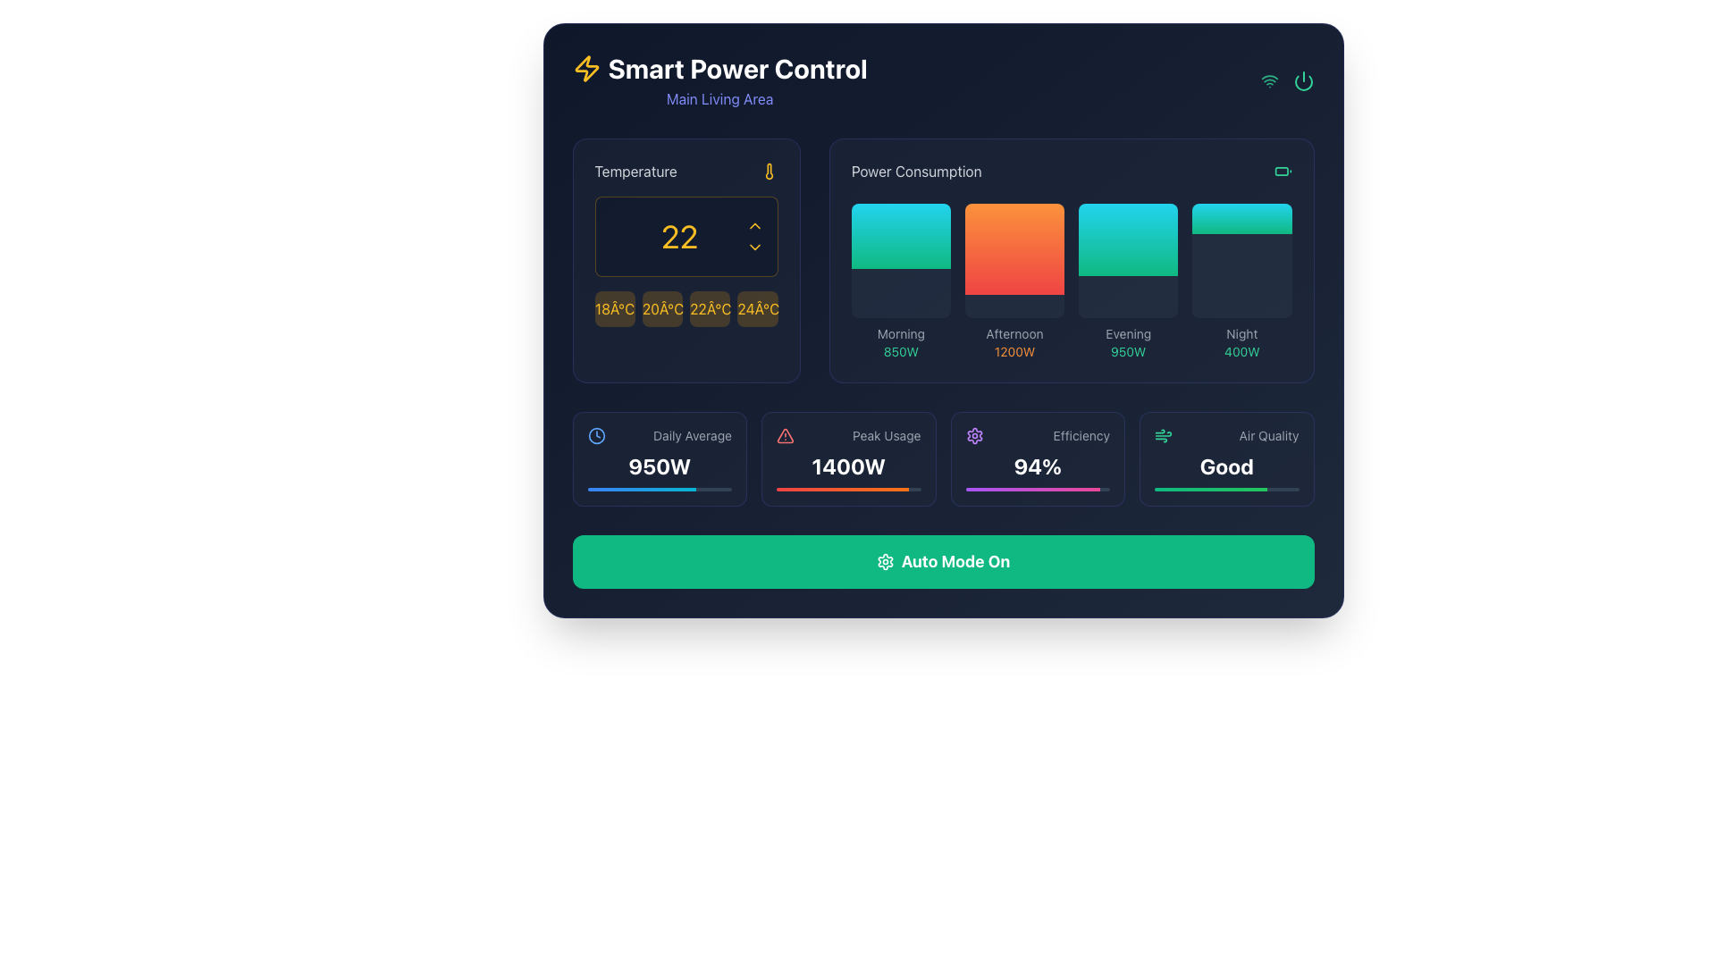 Image resolution: width=1716 pixels, height=965 pixels. What do you see at coordinates (1038, 489) in the screenshot?
I see `the progress bar located beneath the '94%' percentage text in the 'Efficiency' section, which has a dark background and a gradient-filled bar flowing from purple to pink` at bounding box center [1038, 489].